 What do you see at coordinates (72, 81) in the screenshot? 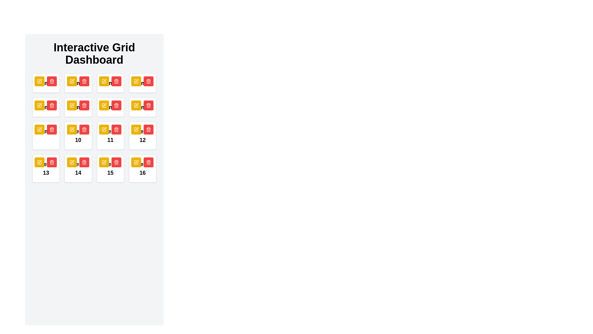
I see `the yellow button with a pencil icon located in the top row of the interactive grid dashboard, specifically the third element from the left` at bounding box center [72, 81].